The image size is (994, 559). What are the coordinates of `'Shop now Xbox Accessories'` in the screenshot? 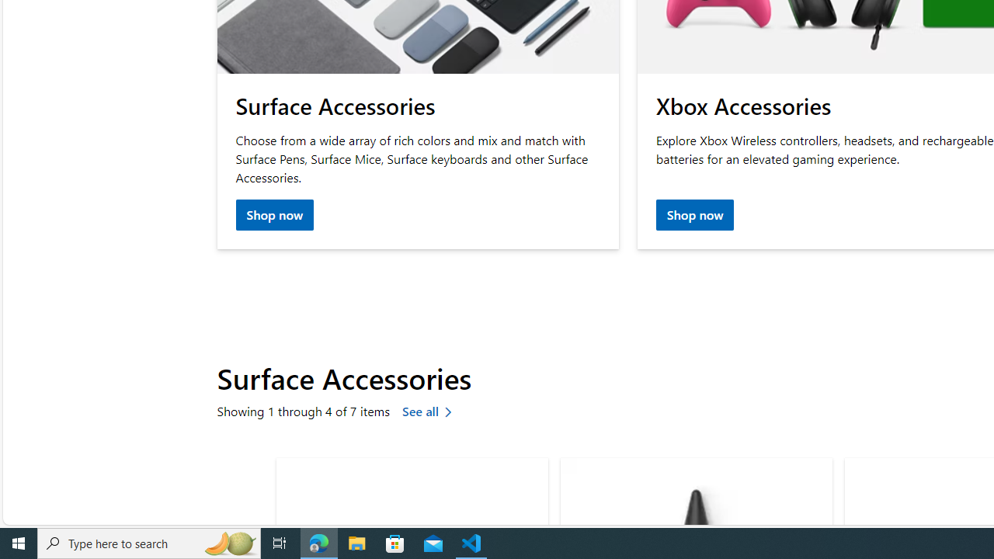 It's located at (693, 216).